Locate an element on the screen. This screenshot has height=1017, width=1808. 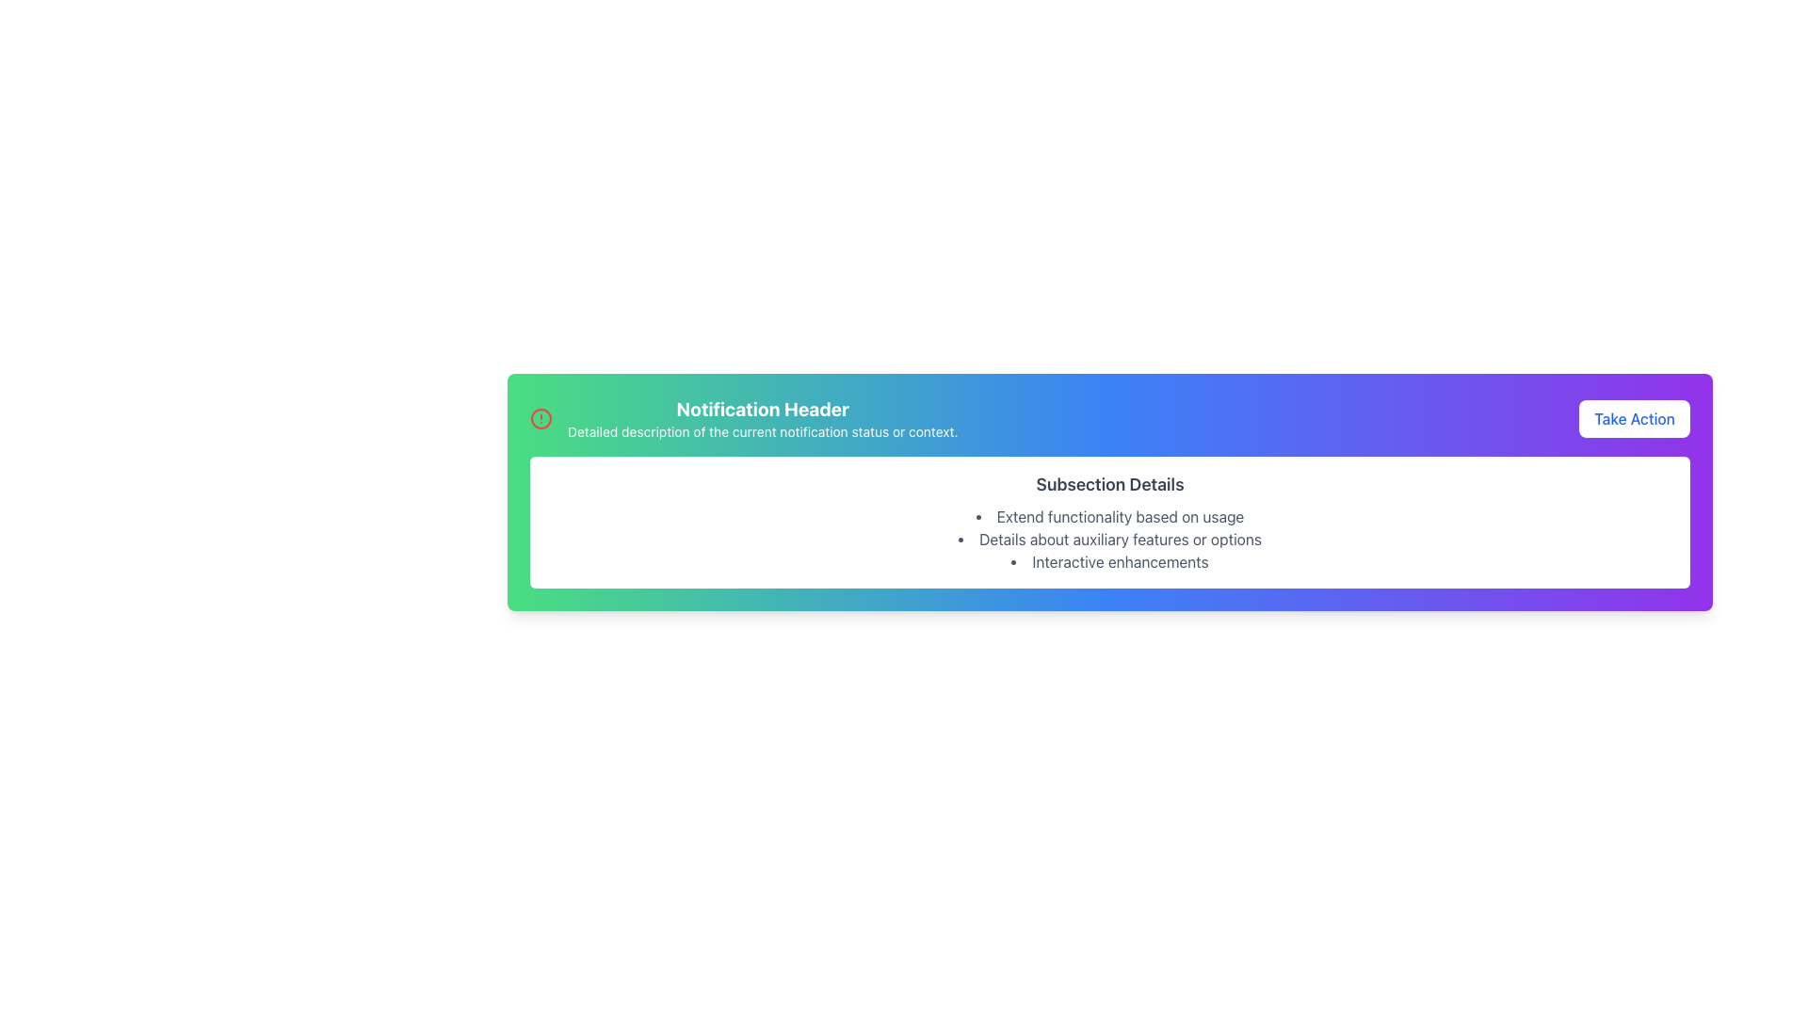
the center circle within the notification icon at the top-left corner of the notification card, which serves as a visual indicator or decorative aspect is located at coordinates (541, 417).